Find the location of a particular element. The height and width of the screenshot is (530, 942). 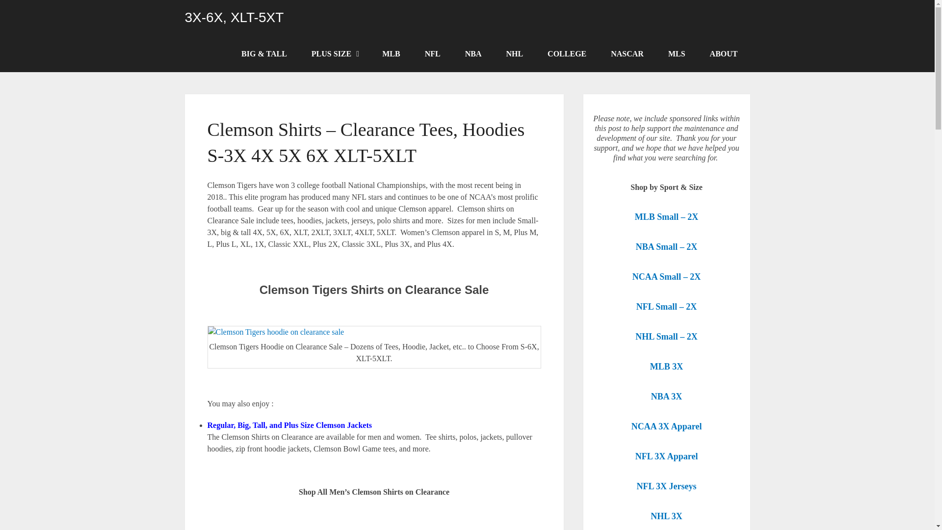

'PLUS SIZE' is located at coordinates (334, 54).